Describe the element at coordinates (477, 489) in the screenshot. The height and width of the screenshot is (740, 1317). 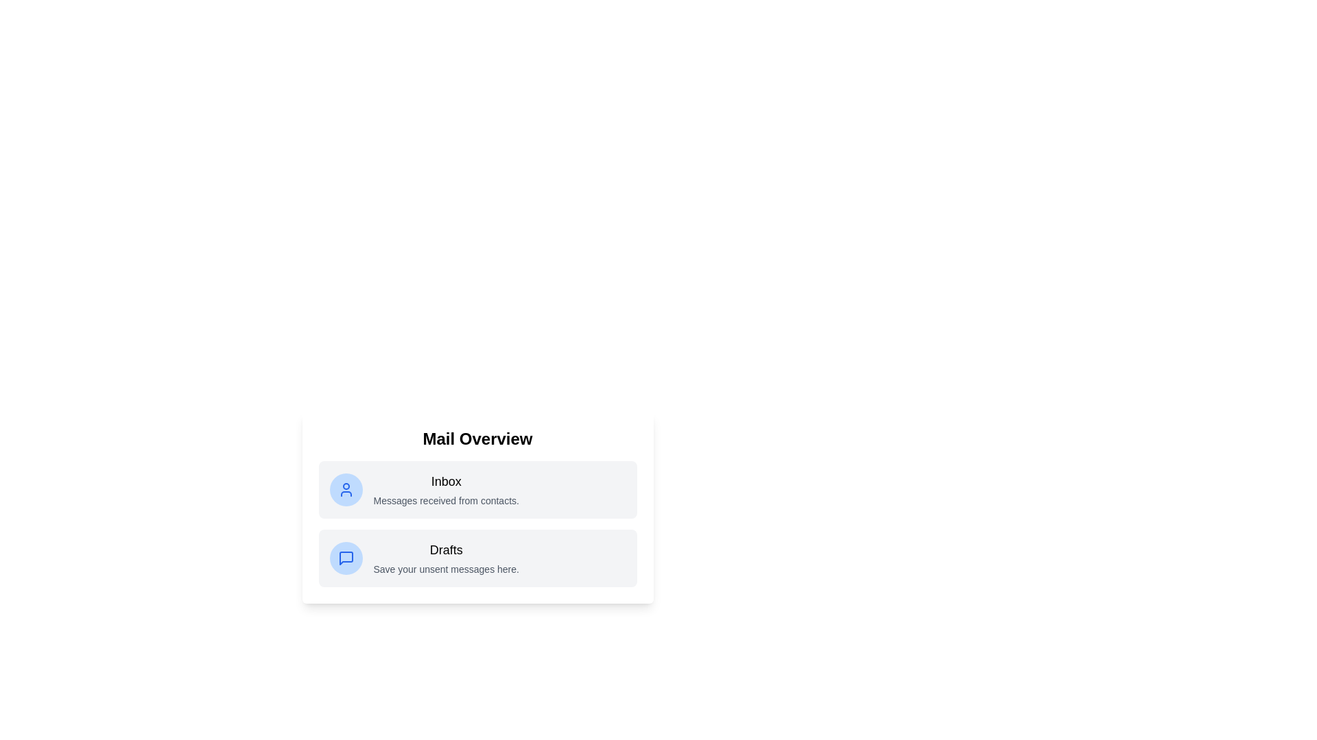
I see `the list item corresponding to Inbox to select it` at that location.